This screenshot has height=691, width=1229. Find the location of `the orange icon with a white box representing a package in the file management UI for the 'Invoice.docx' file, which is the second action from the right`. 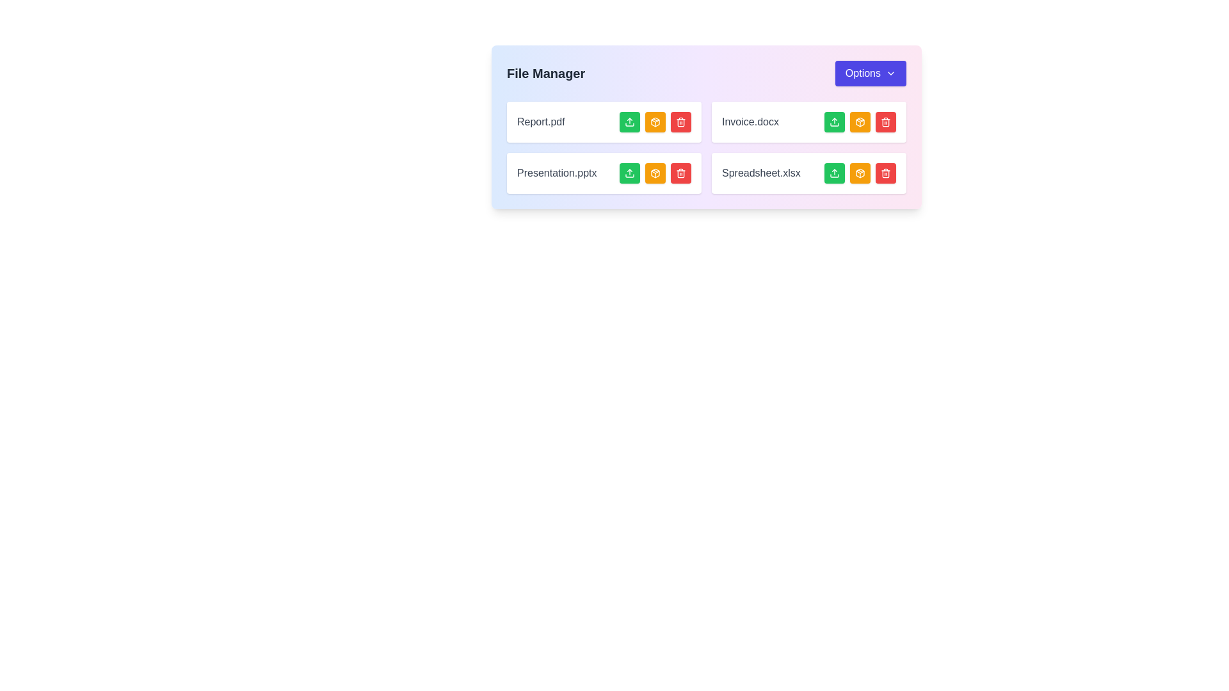

the orange icon with a white box representing a package in the file management UI for the 'Invoice.docx' file, which is the second action from the right is located at coordinates (860, 122).